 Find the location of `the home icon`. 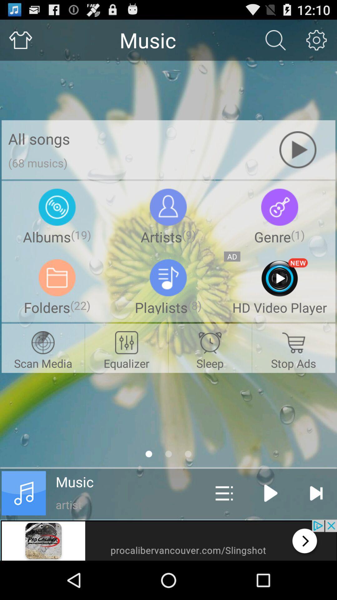

the home icon is located at coordinates (20, 42).